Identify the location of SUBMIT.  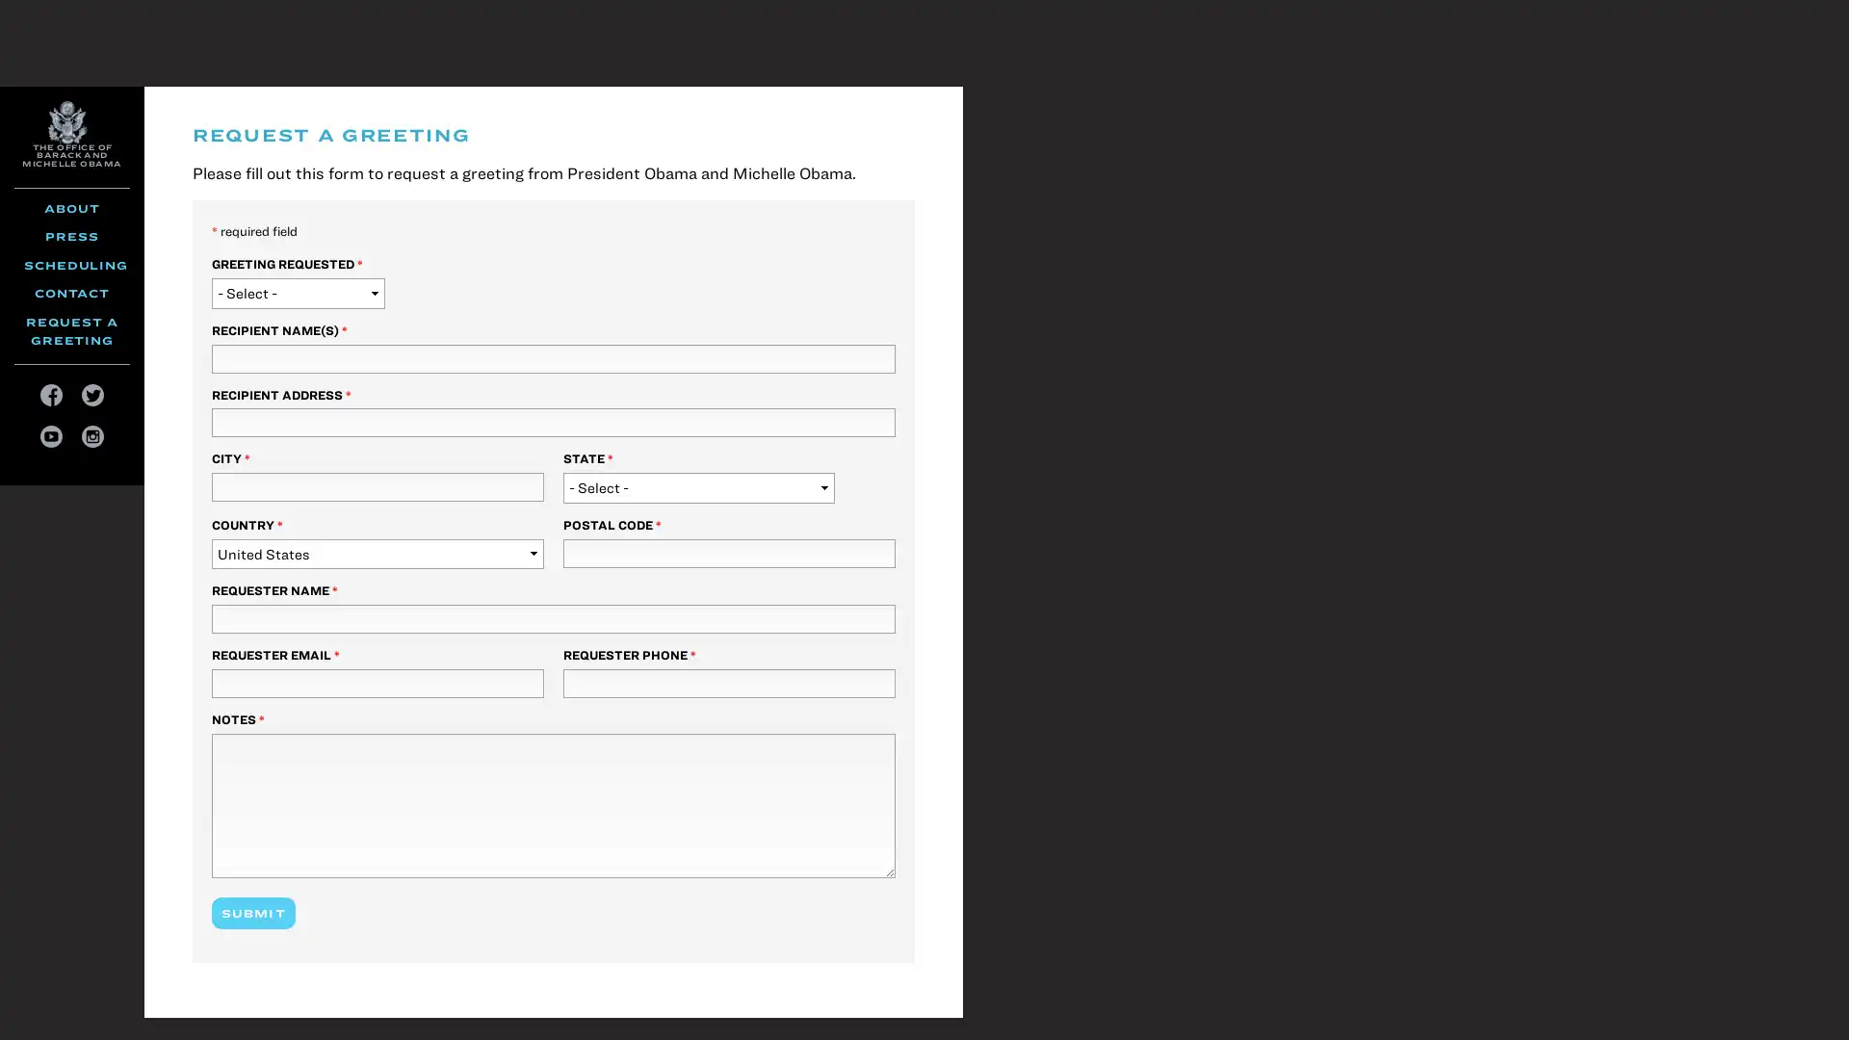
(252, 912).